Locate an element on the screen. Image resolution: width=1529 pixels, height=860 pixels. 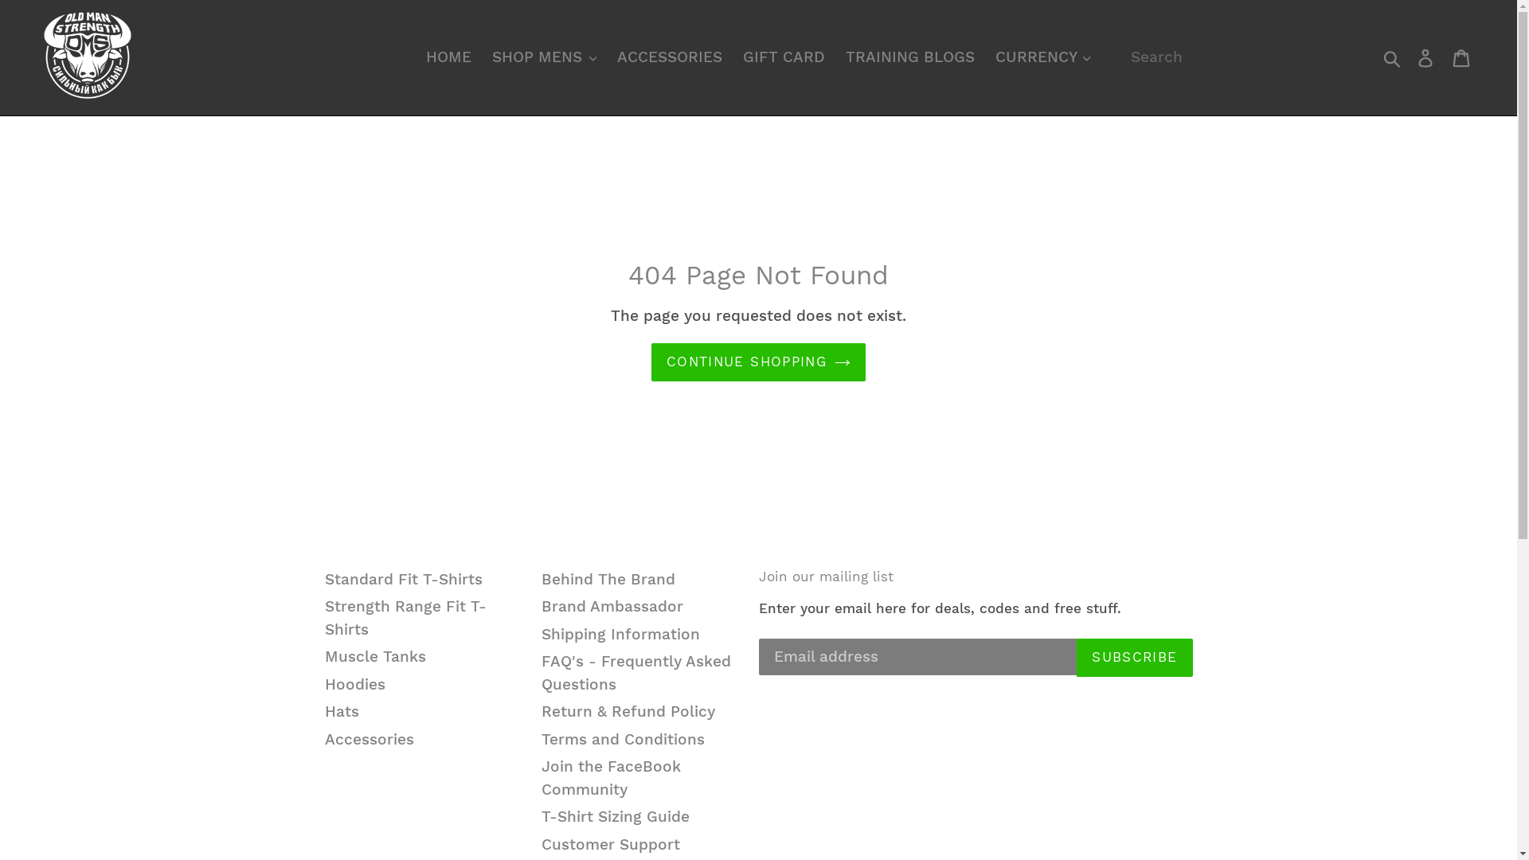
'Standard Fit T-Shirts' is located at coordinates (404, 579).